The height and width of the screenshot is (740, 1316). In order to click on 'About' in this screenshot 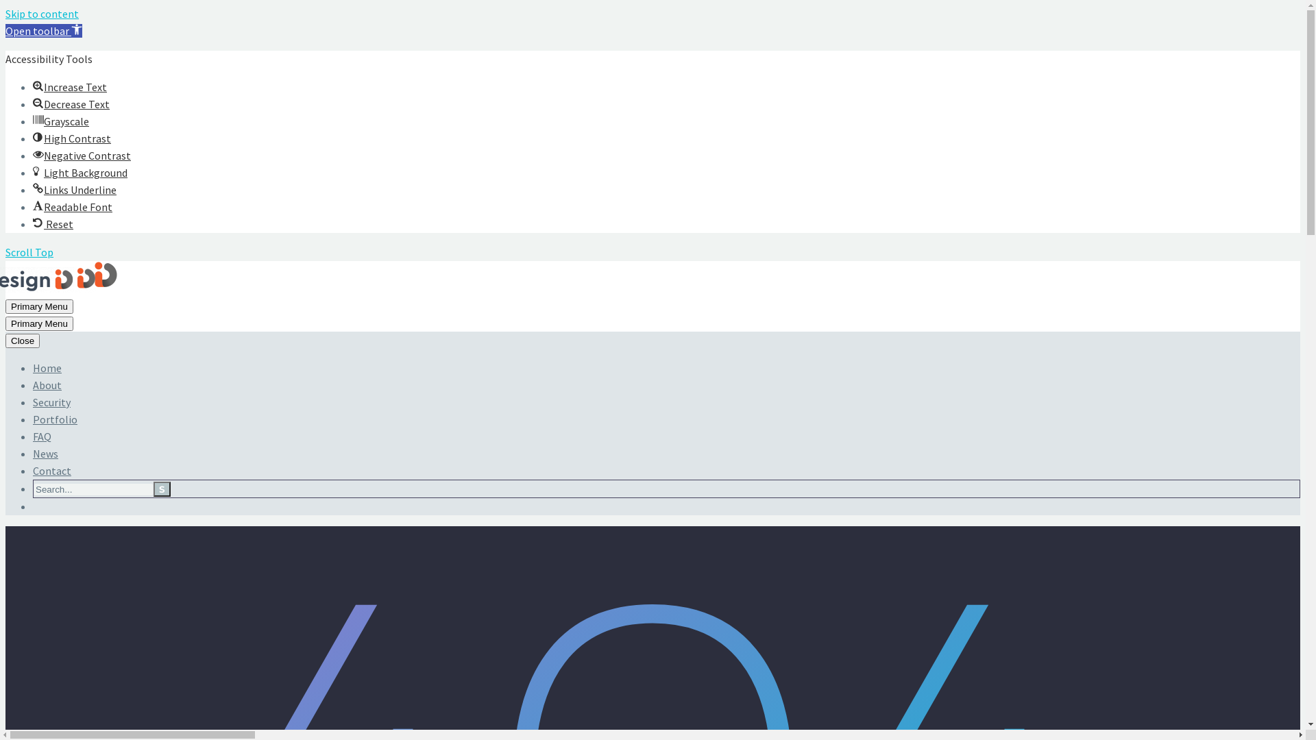, I will do `click(33, 385)`.